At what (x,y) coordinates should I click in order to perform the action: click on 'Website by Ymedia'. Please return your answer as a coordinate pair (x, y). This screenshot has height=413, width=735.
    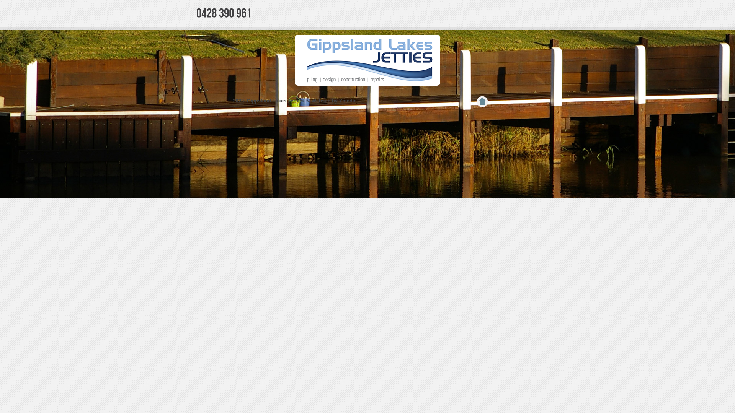
    Looking at the image, I should click on (312, 100).